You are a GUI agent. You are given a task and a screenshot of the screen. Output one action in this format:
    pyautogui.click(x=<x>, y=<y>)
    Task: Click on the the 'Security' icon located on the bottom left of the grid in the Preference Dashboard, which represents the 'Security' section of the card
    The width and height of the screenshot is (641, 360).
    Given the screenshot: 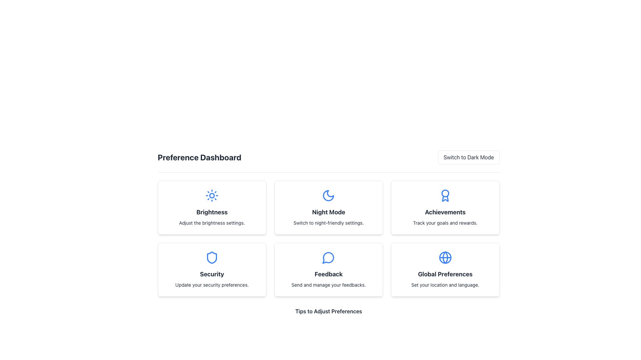 What is the action you would take?
    pyautogui.click(x=212, y=257)
    